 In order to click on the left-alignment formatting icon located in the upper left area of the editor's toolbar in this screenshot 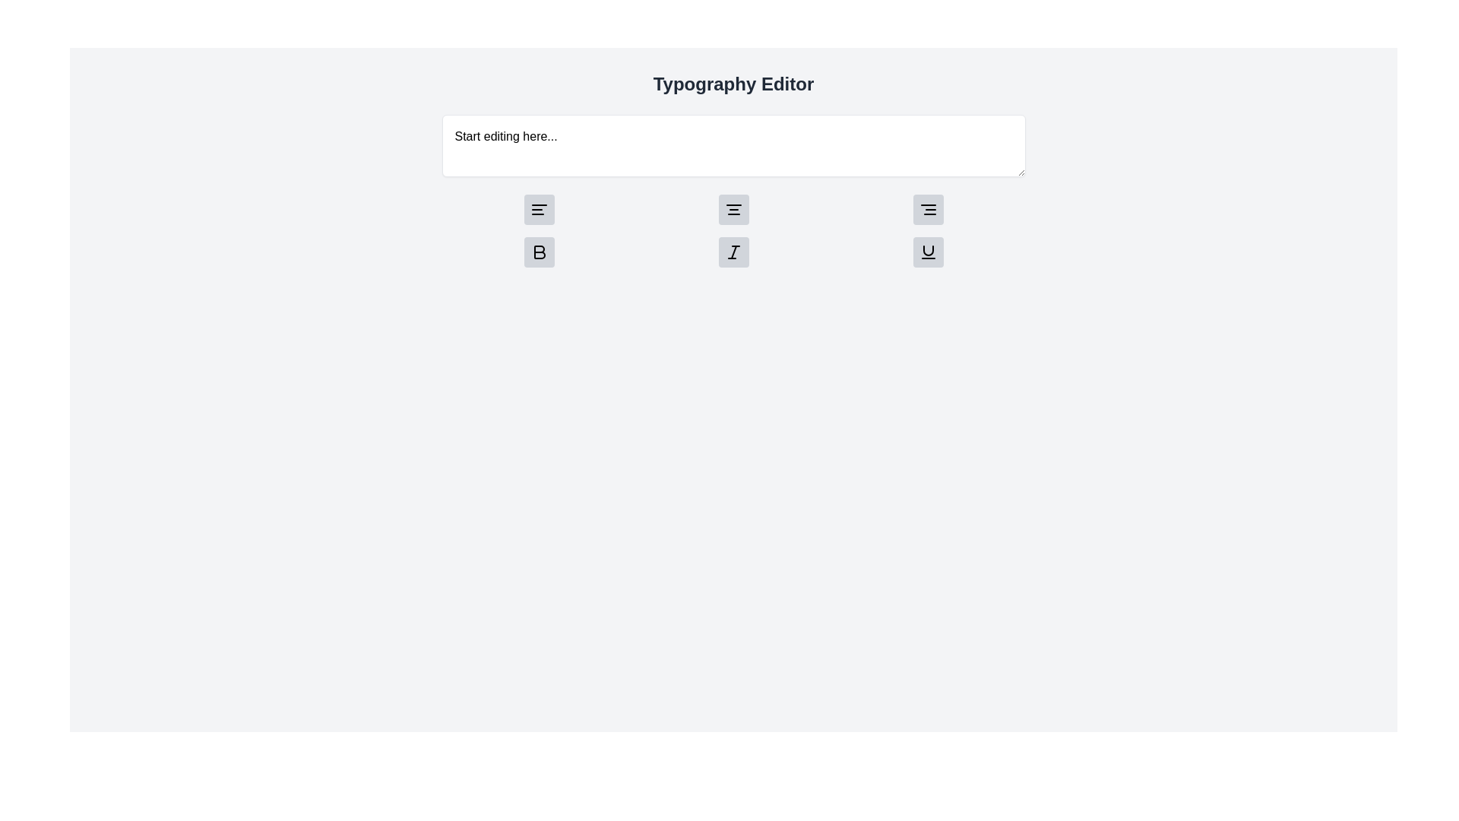, I will do `click(539, 210)`.